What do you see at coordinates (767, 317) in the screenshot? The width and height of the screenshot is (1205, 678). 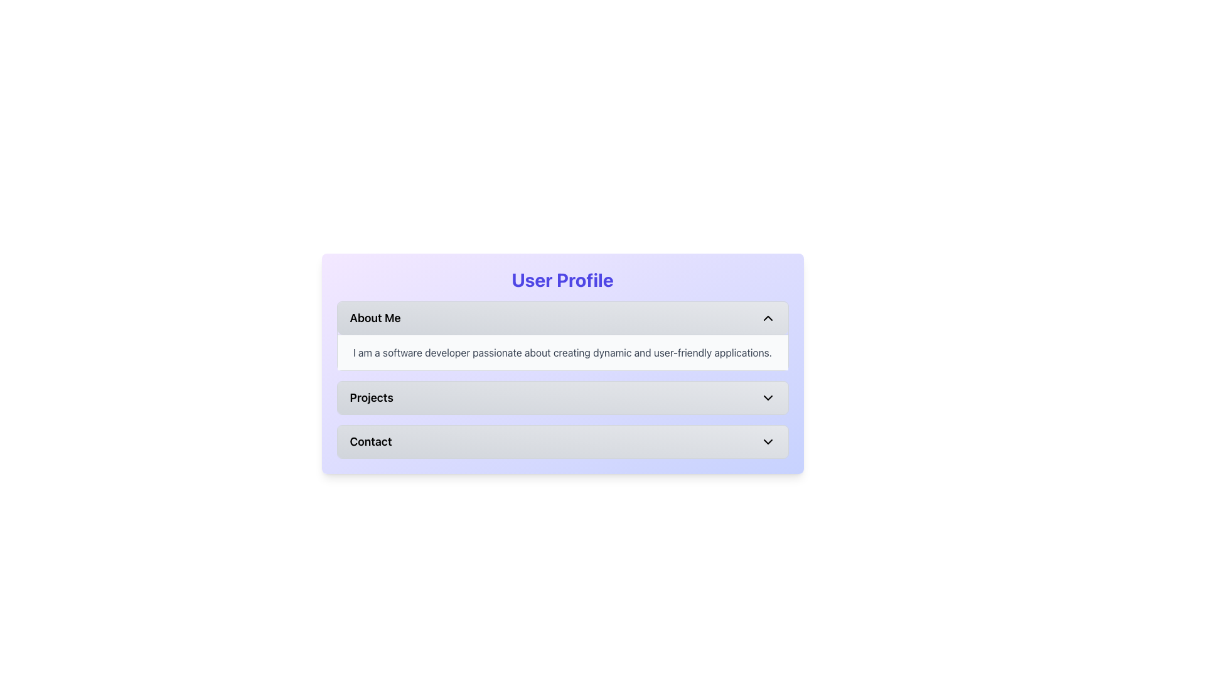 I see `the upward-facing chevron icon located in the header of the 'About Me' section` at bounding box center [767, 317].